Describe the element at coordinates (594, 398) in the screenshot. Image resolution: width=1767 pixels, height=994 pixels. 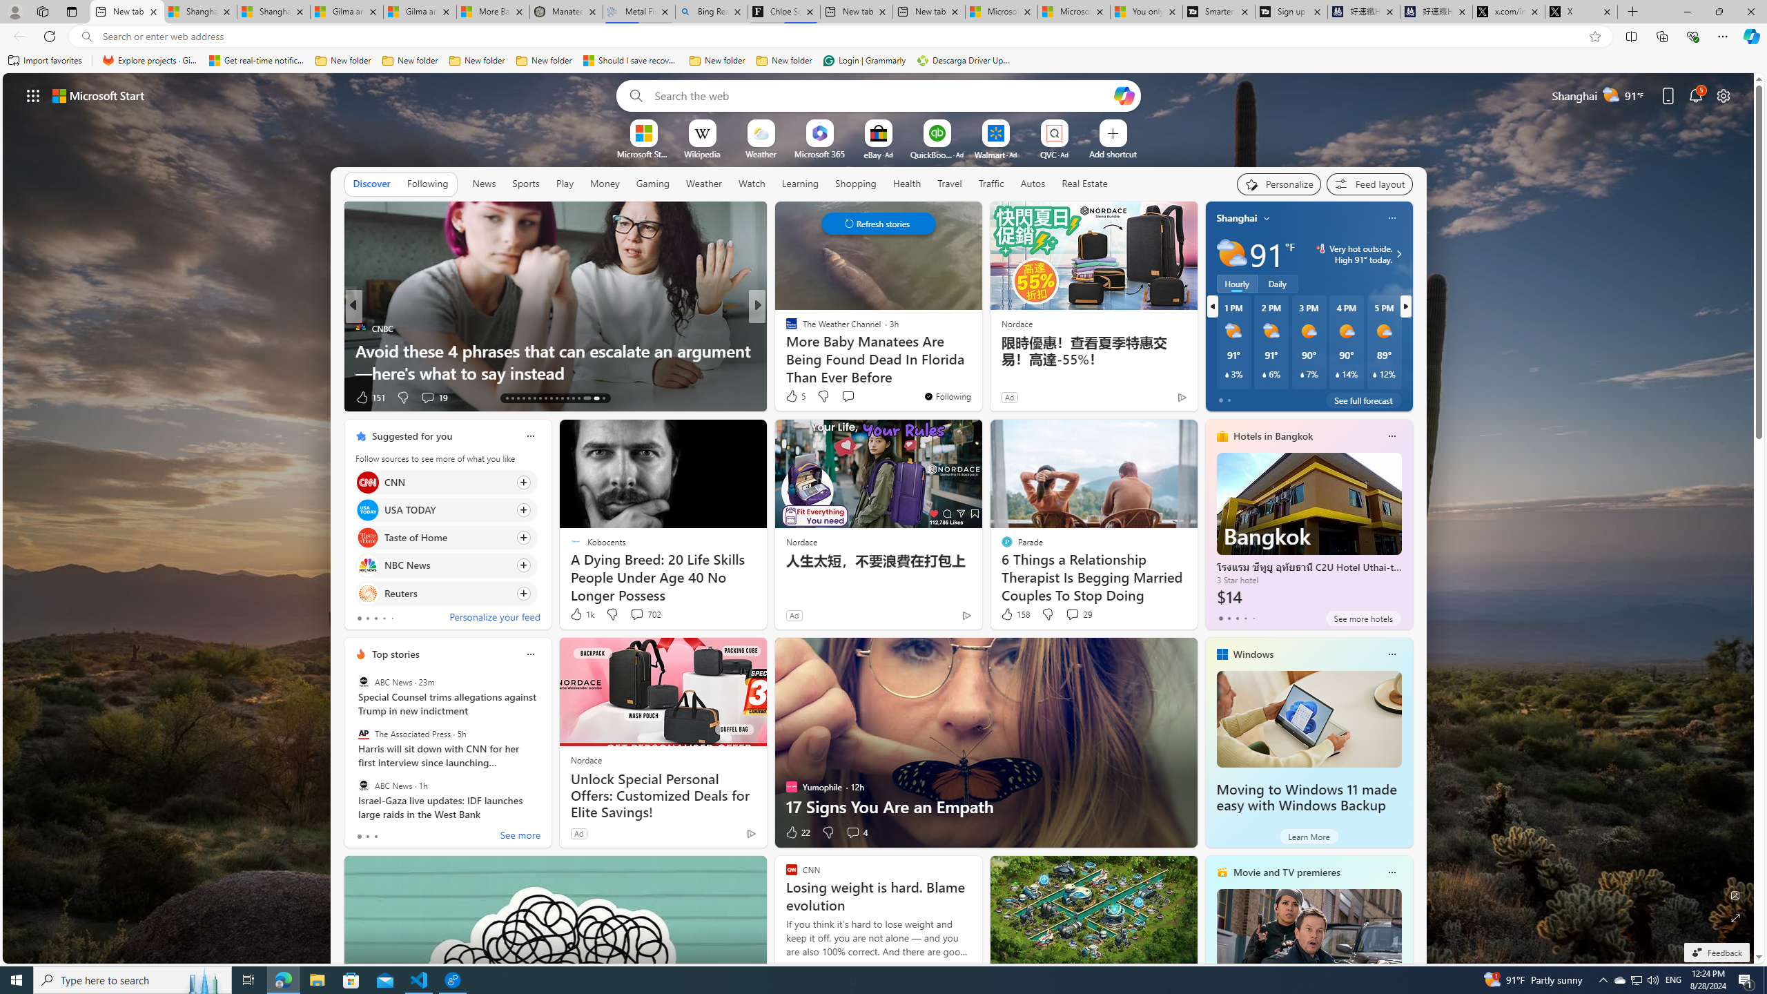
I see `'AutomationID: tab-41'` at that location.